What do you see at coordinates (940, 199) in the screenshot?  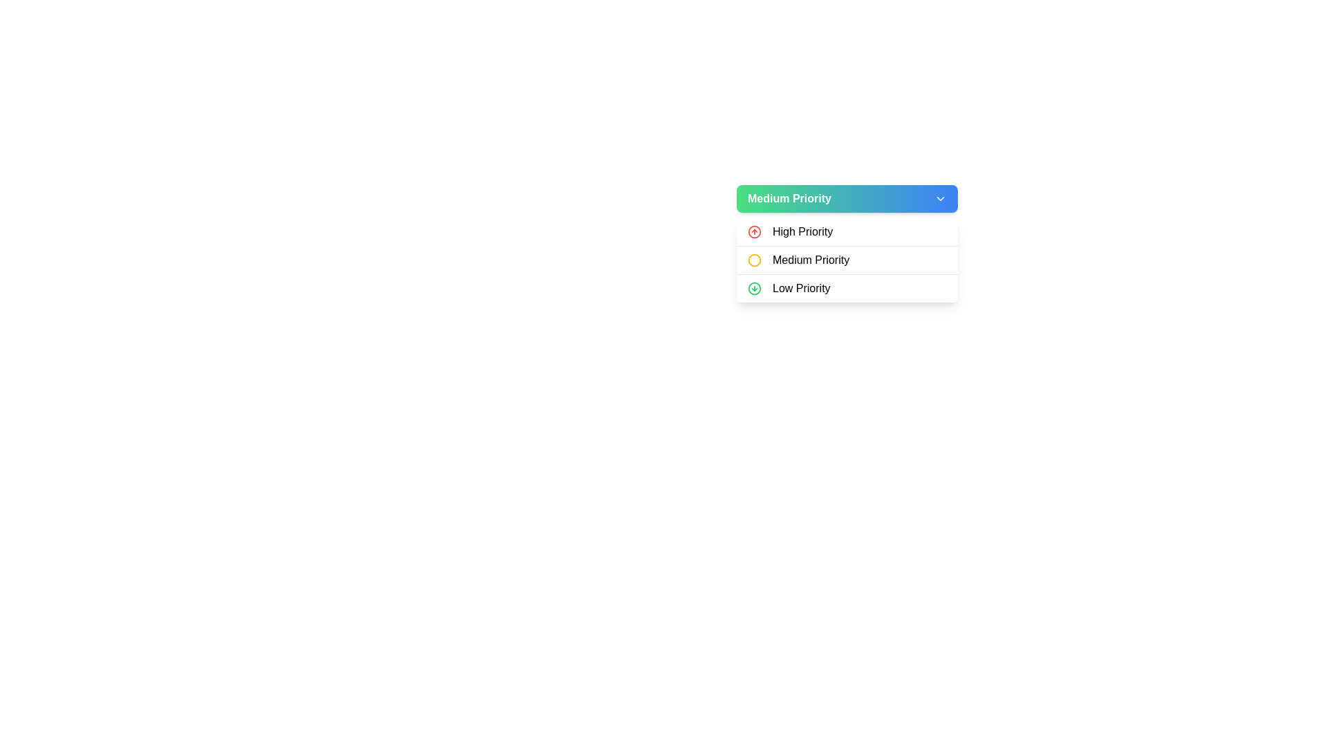 I see `the chevron icon located on the far-right side of the 'Medium Priority' bar` at bounding box center [940, 199].